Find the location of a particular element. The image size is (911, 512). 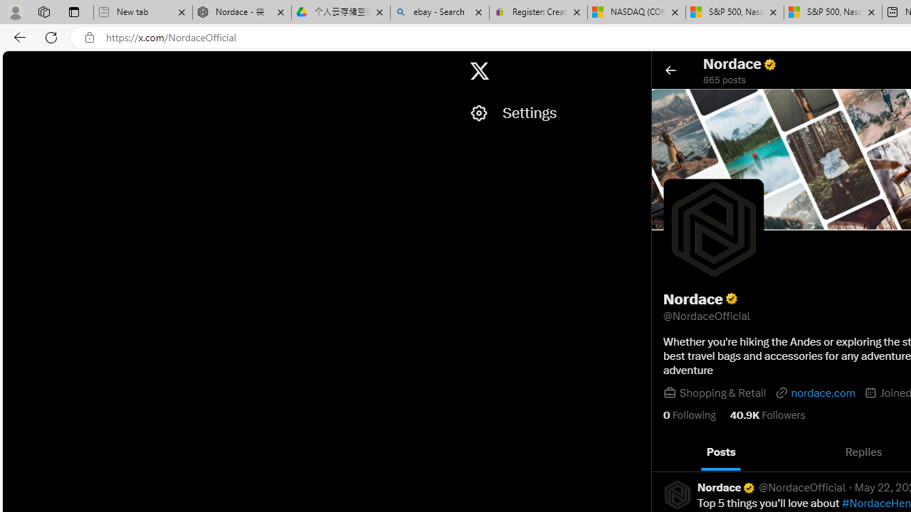

'Settings' is located at coordinates (552, 112).